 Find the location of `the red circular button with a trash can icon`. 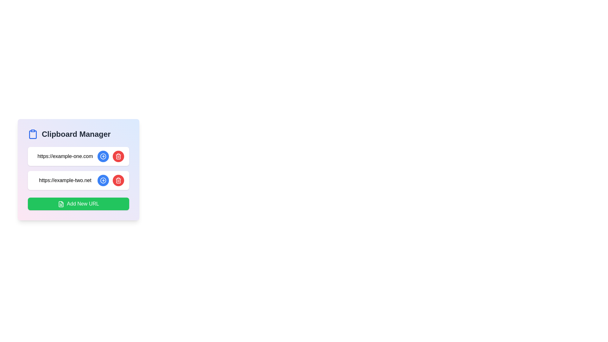

the red circular button with a trash can icon is located at coordinates (118, 180).